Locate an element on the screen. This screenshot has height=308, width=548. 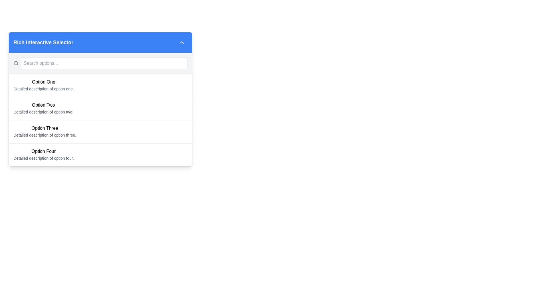
the text label displaying 'Option Four' within the selectable menu interface under the header 'Rich Interactive Selector' is located at coordinates (43, 151).